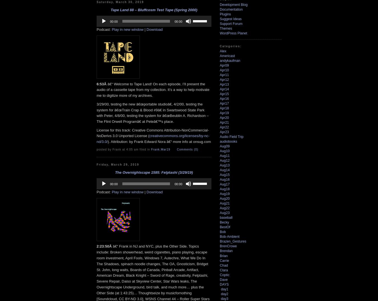 The image size is (378, 301). Describe the element at coordinates (224, 118) in the screenshot. I see `'Apr20'` at that location.